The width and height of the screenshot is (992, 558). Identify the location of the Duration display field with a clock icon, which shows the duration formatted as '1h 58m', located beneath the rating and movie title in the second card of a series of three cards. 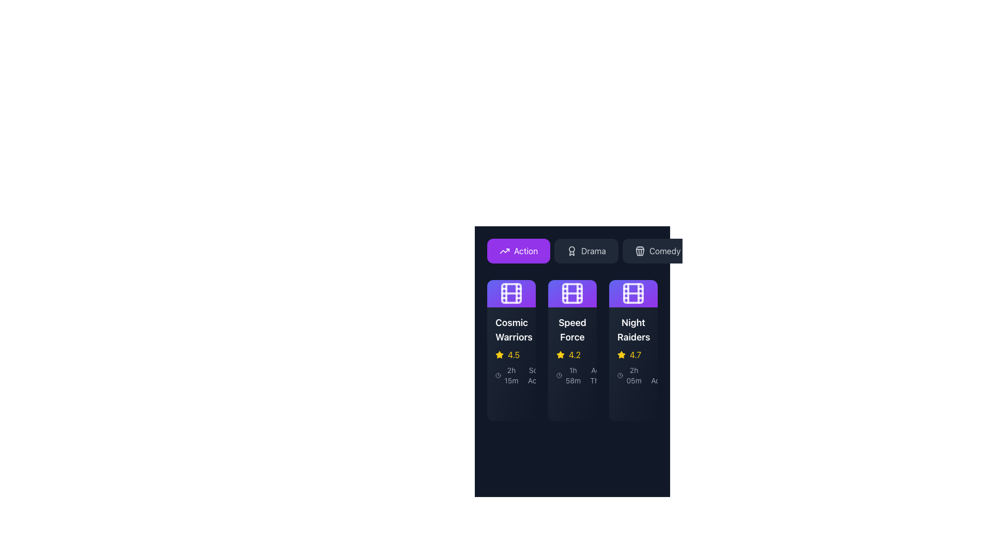
(572, 375).